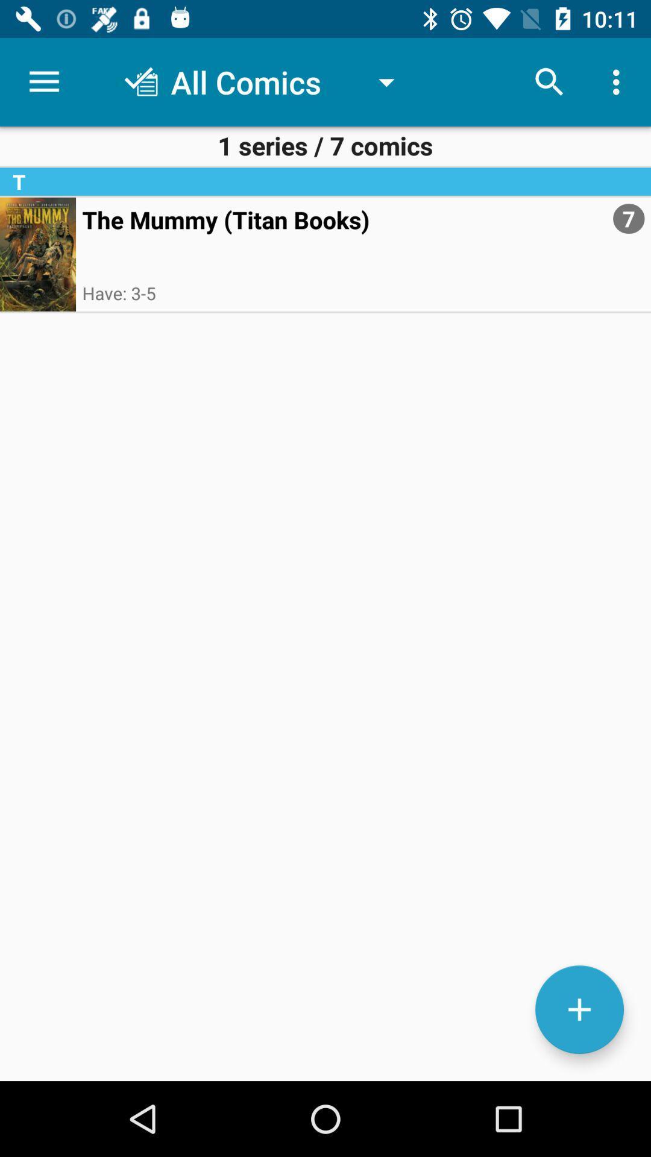 The height and width of the screenshot is (1157, 651). I want to click on the add icon, so click(579, 1009).